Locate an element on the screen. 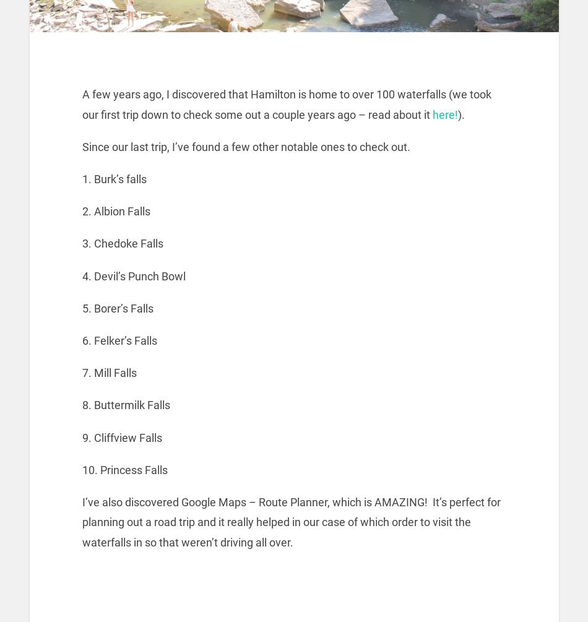  '7. Mill Falls' is located at coordinates (109, 372).